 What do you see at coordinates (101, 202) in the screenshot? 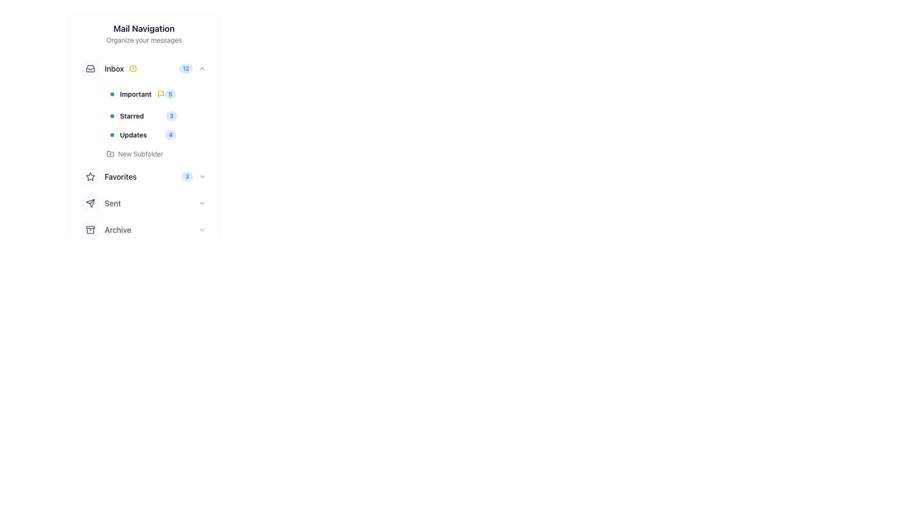
I see `the navigation link for the 'Sent' folder, which is the first item under the 'Favorites' section in the navigation sidebar` at bounding box center [101, 202].